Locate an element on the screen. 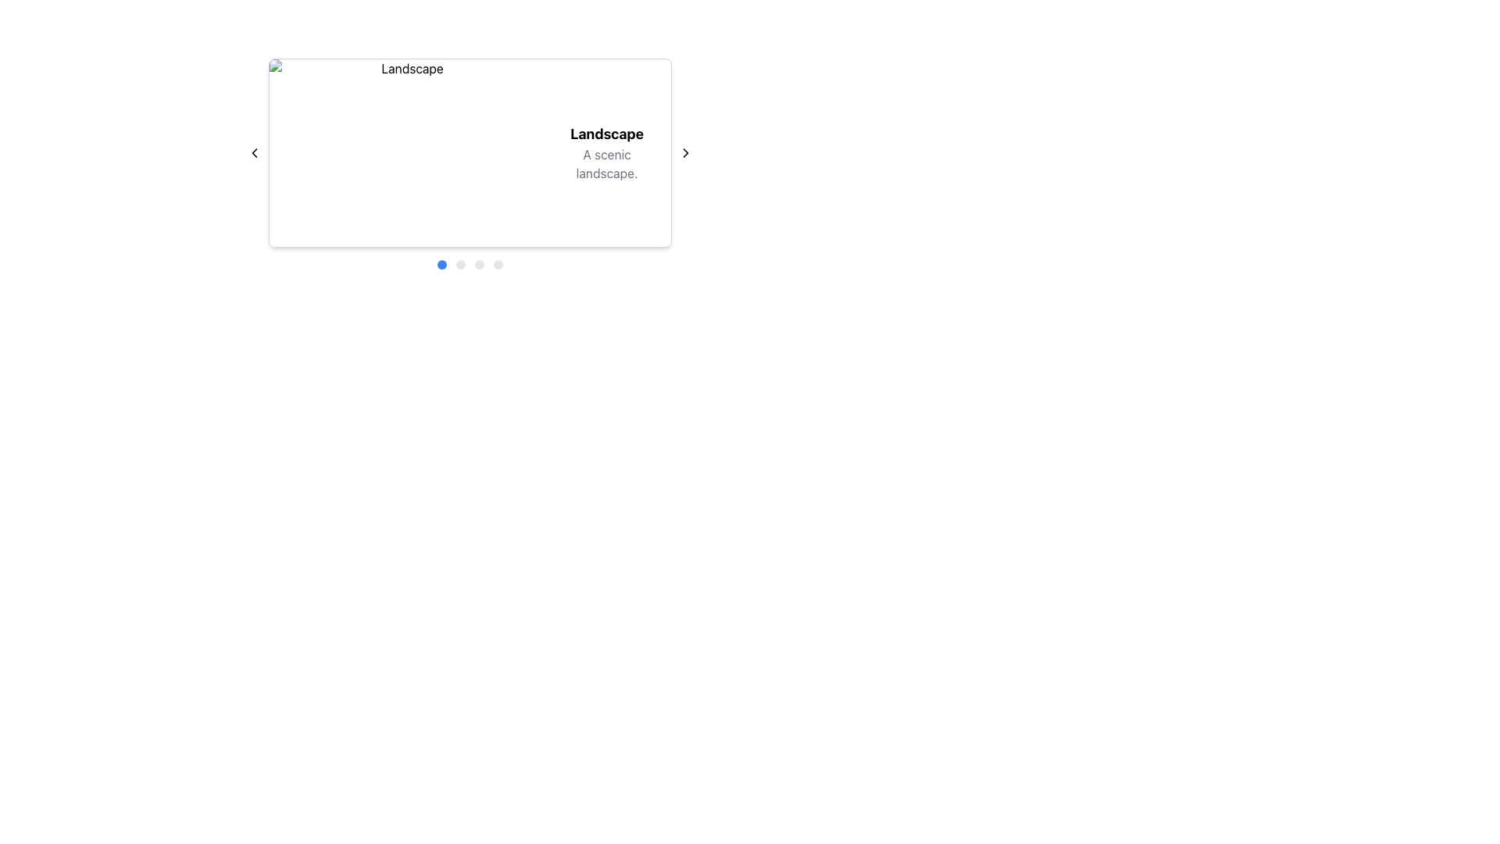  the first Carousel Indicator located at the bottom-center of the interface is located at coordinates (441, 264).